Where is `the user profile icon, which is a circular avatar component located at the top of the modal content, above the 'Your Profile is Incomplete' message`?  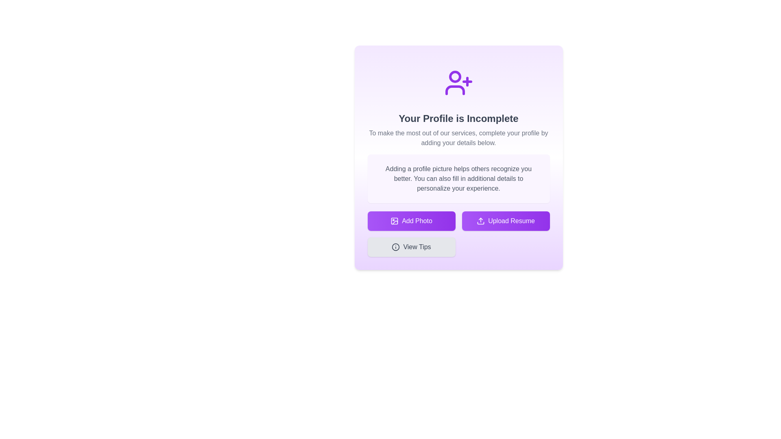 the user profile icon, which is a circular avatar component located at the top of the modal content, above the 'Your Profile is Incomplete' message is located at coordinates (454, 77).